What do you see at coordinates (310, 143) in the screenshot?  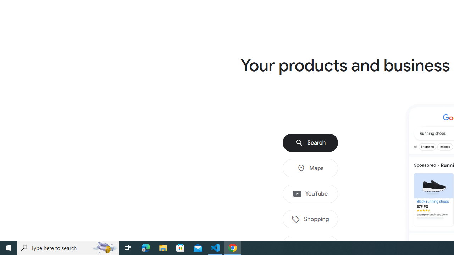 I see `'Search'` at bounding box center [310, 143].